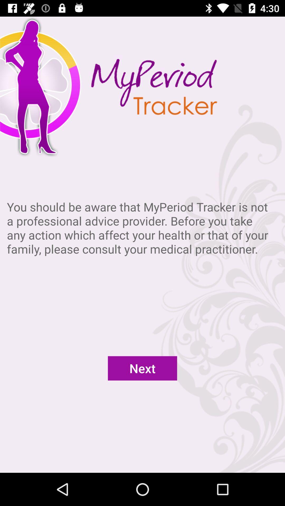 This screenshot has width=285, height=506. Describe the element at coordinates (142, 368) in the screenshot. I see `the next icon` at that location.